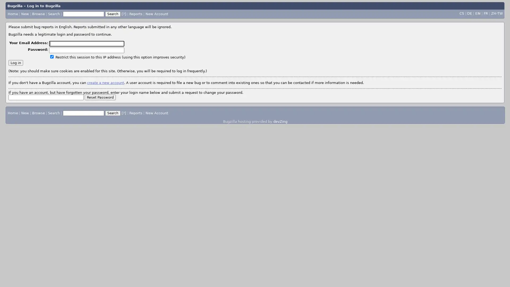  What do you see at coordinates (16, 62) in the screenshot?
I see `Log in` at bounding box center [16, 62].